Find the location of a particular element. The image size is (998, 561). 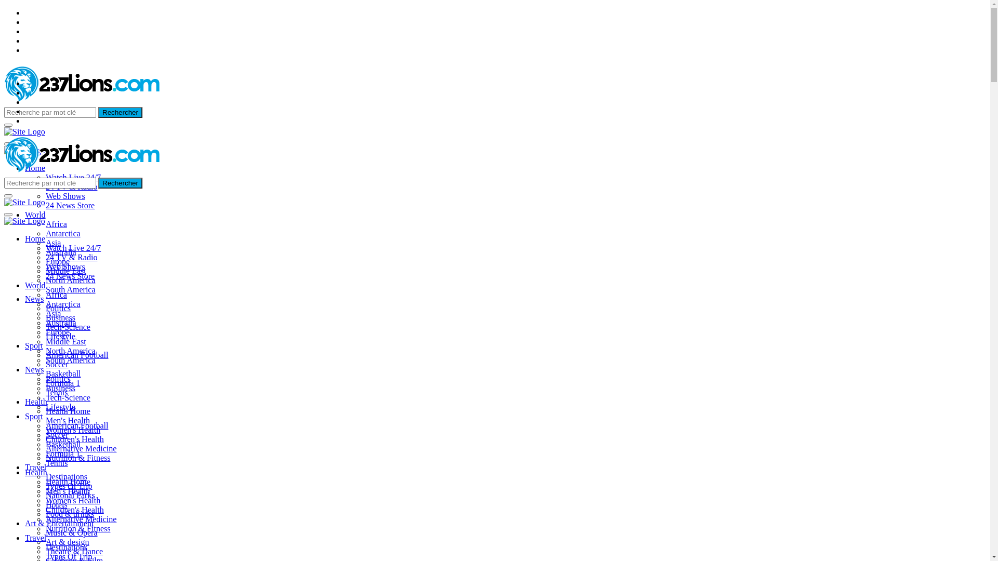

'Types Of Trip' is located at coordinates (69, 486).